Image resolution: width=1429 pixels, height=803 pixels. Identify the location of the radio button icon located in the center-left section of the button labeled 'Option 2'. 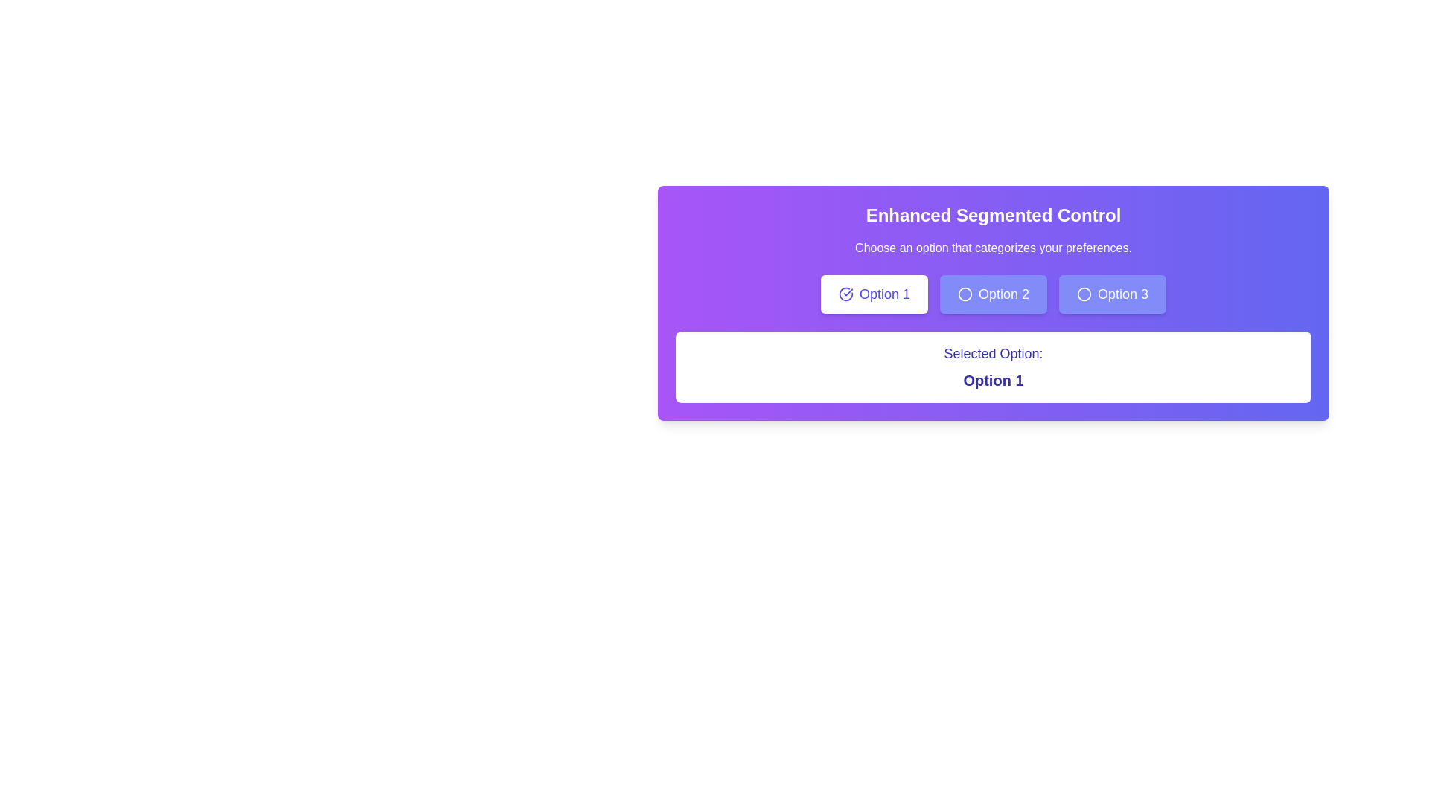
(965, 294).